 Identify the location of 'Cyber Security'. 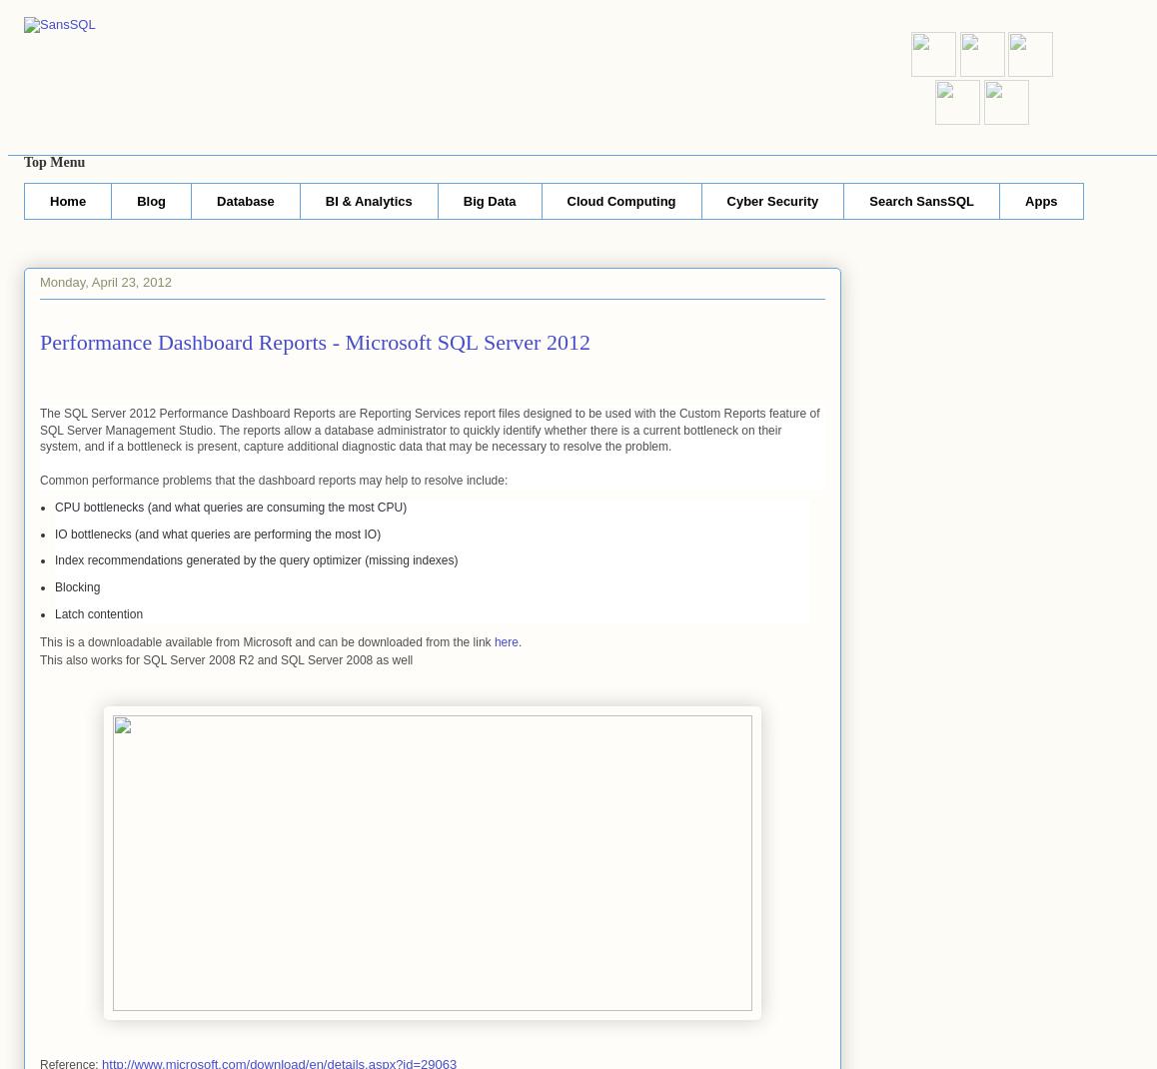
(771, 199).